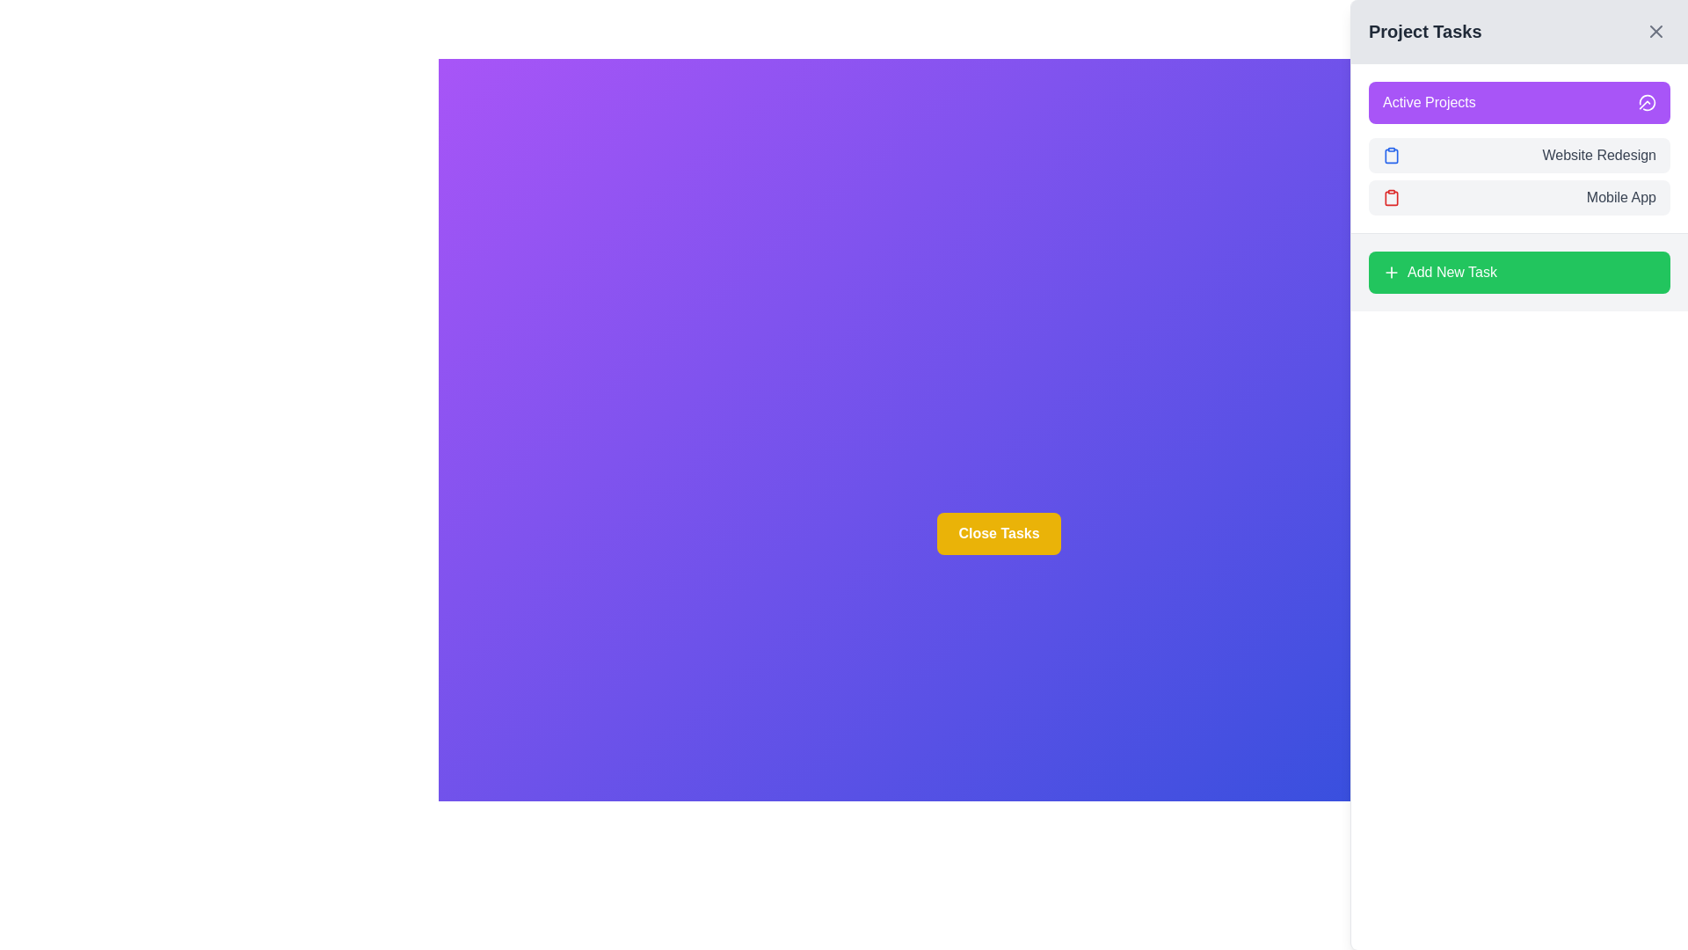 Image resolution: width=1688 pixels, height=950 pixels. I want to click on the decorative icon that indicates completion or active status, located in the top-right corner of the 'Active Projects' button within the 'Project Tasks' section, so click(1646, 102).